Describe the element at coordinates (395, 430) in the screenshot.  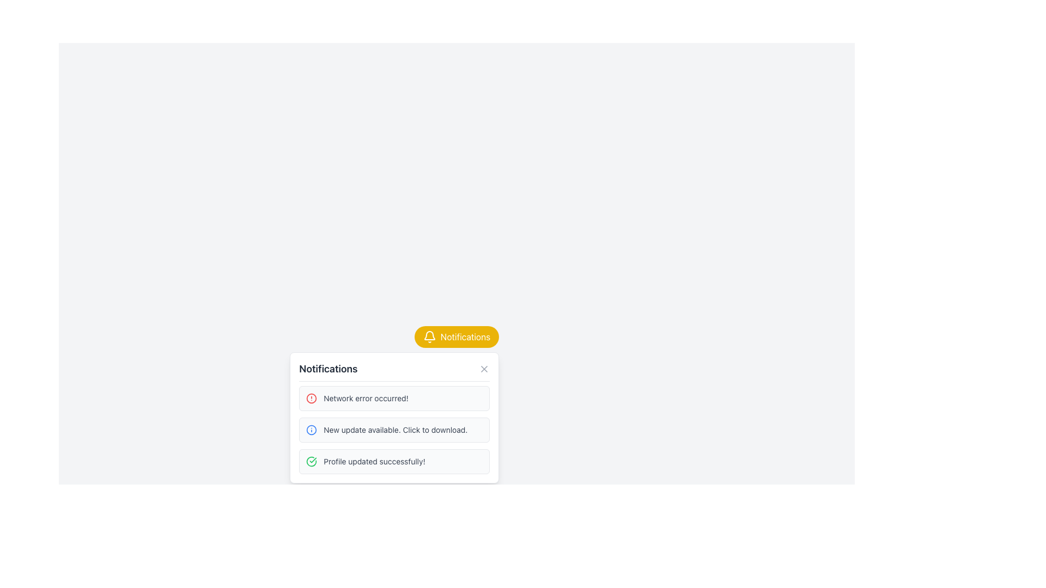
I see `the text label that reads 'New update available. Click to download.' which is the second item in the vertically stacked list of notifications` at that location.